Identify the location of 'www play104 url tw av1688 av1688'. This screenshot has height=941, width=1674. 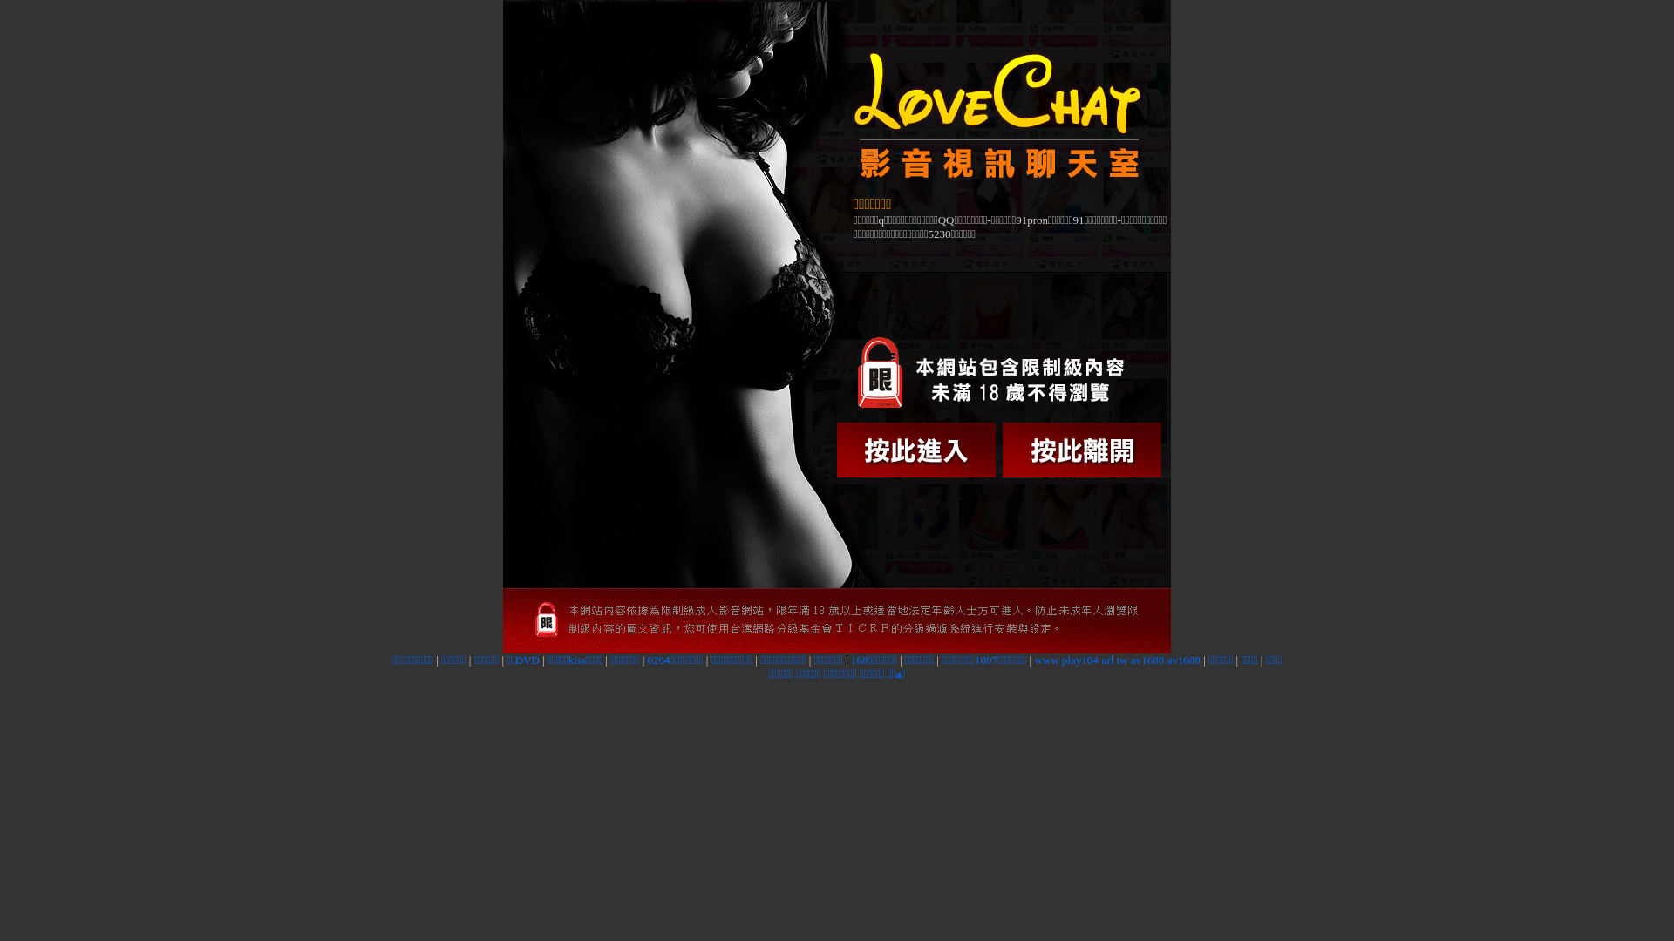
(1117, 660).